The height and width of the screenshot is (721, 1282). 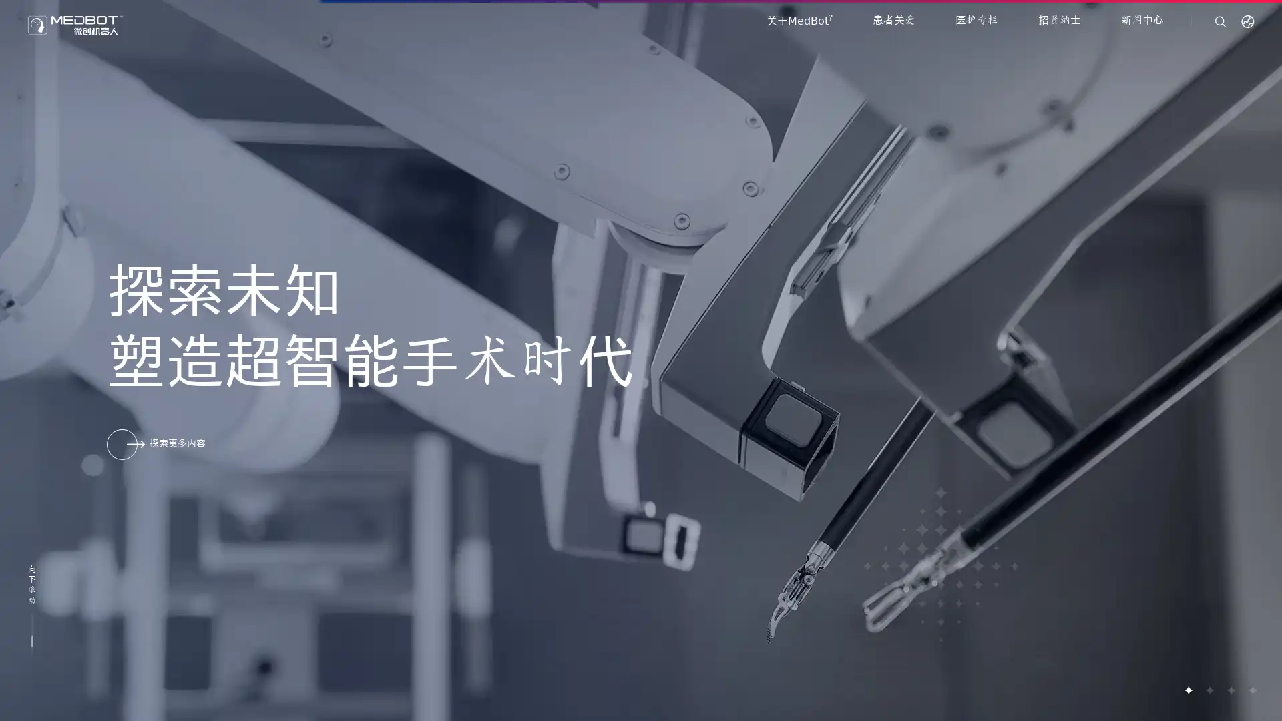 What do you see at coordinates (1209, 690) in the screenshot?
I see `Go to slide 2` at bounding box center [1209, 690].